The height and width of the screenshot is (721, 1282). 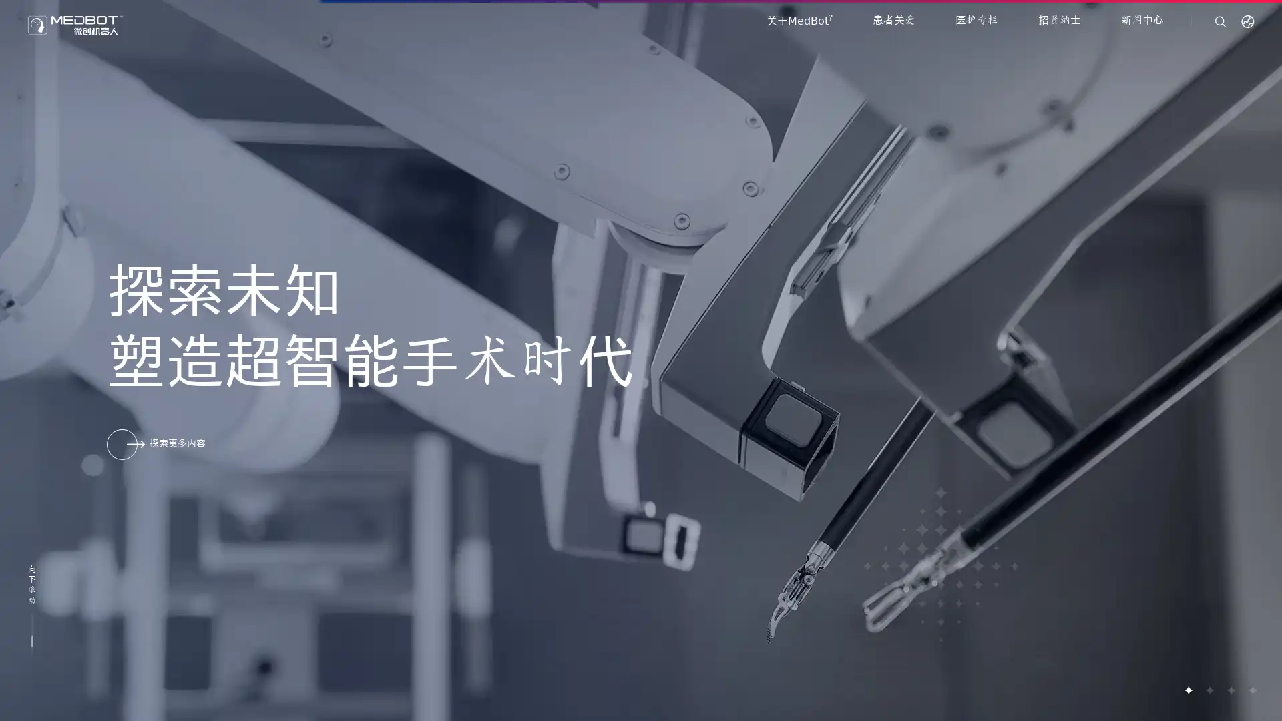 What do you see at coordinates (1209, 690) in the screenshot?
I see `Go to slide 2` at bounding box center [1209, 690].